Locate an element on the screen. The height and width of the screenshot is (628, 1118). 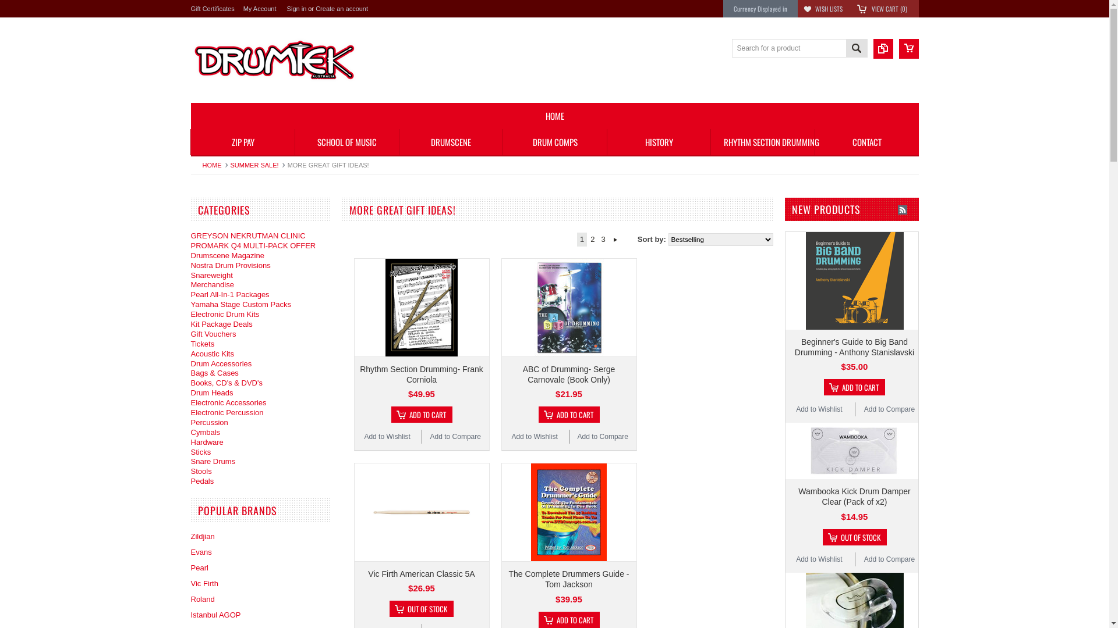
'Drum Heads' is located at coordinates (212, 392).